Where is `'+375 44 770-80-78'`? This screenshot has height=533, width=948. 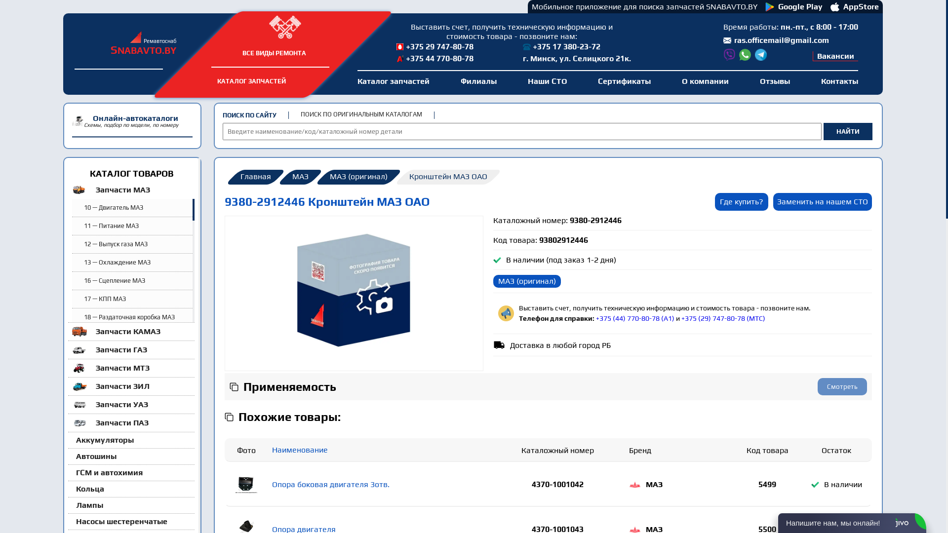 '+375 44 770-80-78' is located at coordinates (395, 59).